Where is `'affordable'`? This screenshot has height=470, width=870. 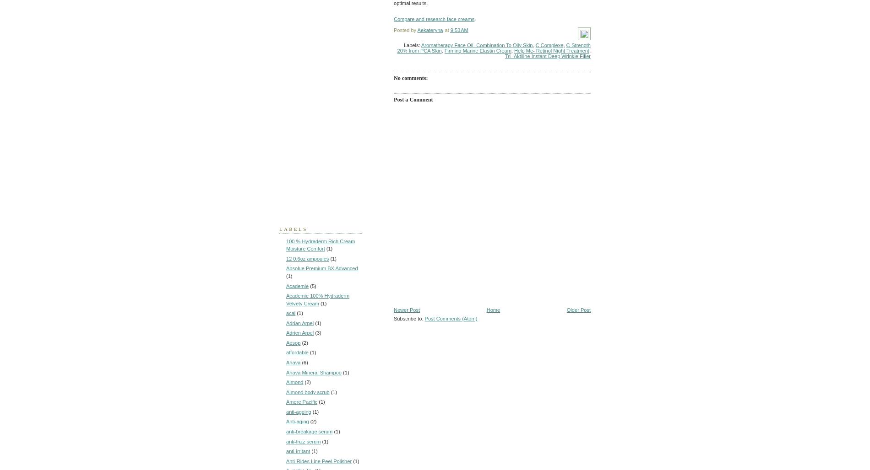 'affordable' is located at coordinates (297, 352).